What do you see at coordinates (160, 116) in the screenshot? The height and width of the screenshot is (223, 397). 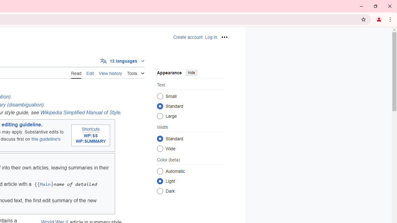 I see `'Large'` at bounding box center [160, 116].